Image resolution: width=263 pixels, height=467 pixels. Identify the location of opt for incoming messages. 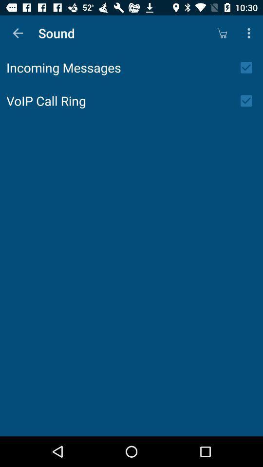
(249, 67).